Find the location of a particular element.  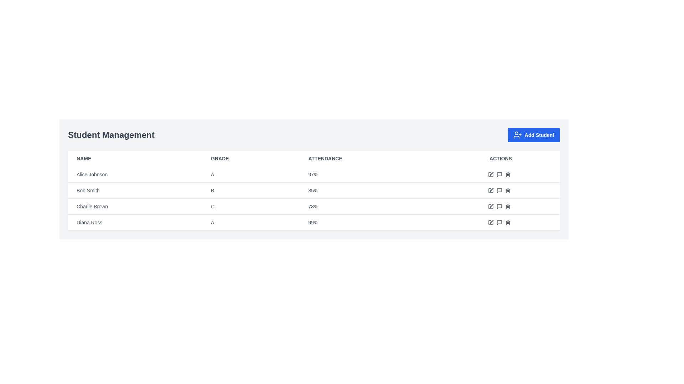

the comment icon related to the 'Charlie Brown' record in the Actions column is located at coordinates (499, 207).